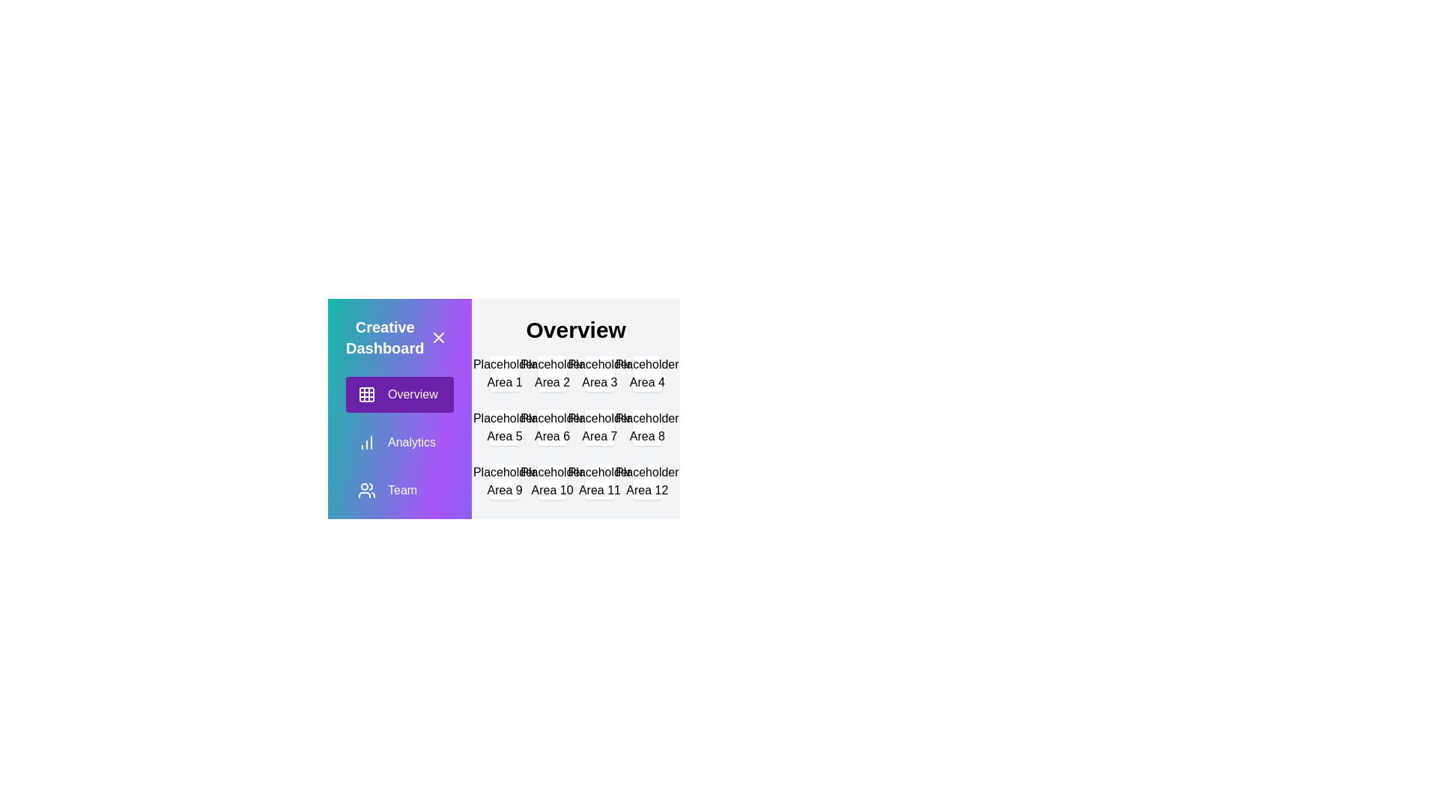 The width and height of the screenshot is (1438, 809). What do you see at coordinates (399, 394) in the screenshot?
I see `the menu item Overview to observe the visual feedback` at bounding box center [399, 394].